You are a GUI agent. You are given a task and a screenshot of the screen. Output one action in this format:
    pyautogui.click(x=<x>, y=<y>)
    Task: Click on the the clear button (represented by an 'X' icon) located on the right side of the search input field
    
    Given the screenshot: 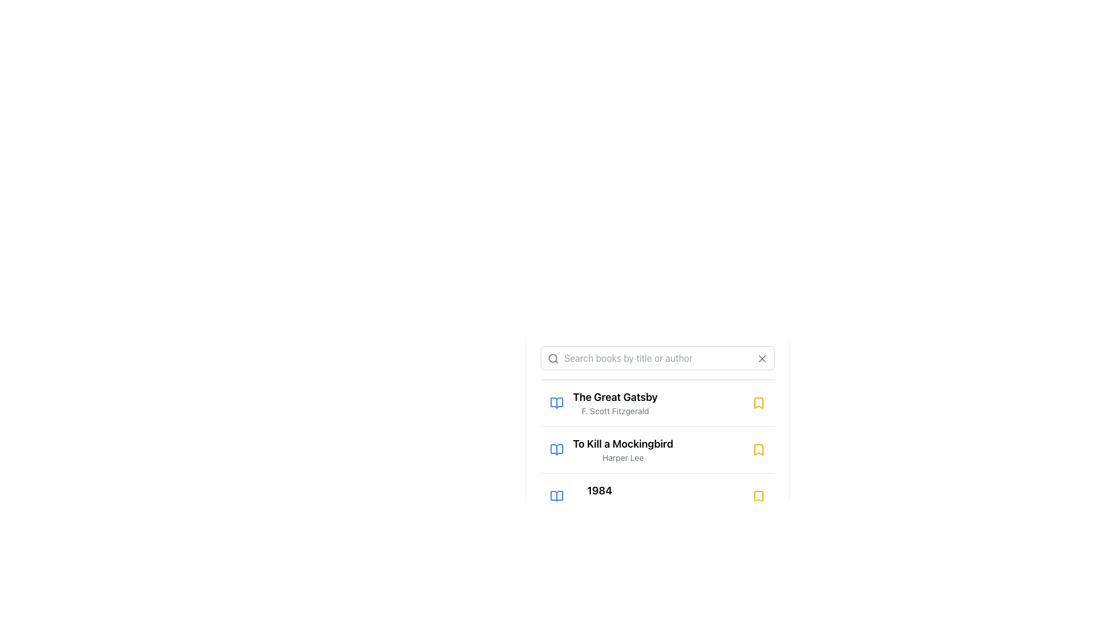 What is the action you would take?
    pyautogui.click(x=658, y=358)
    